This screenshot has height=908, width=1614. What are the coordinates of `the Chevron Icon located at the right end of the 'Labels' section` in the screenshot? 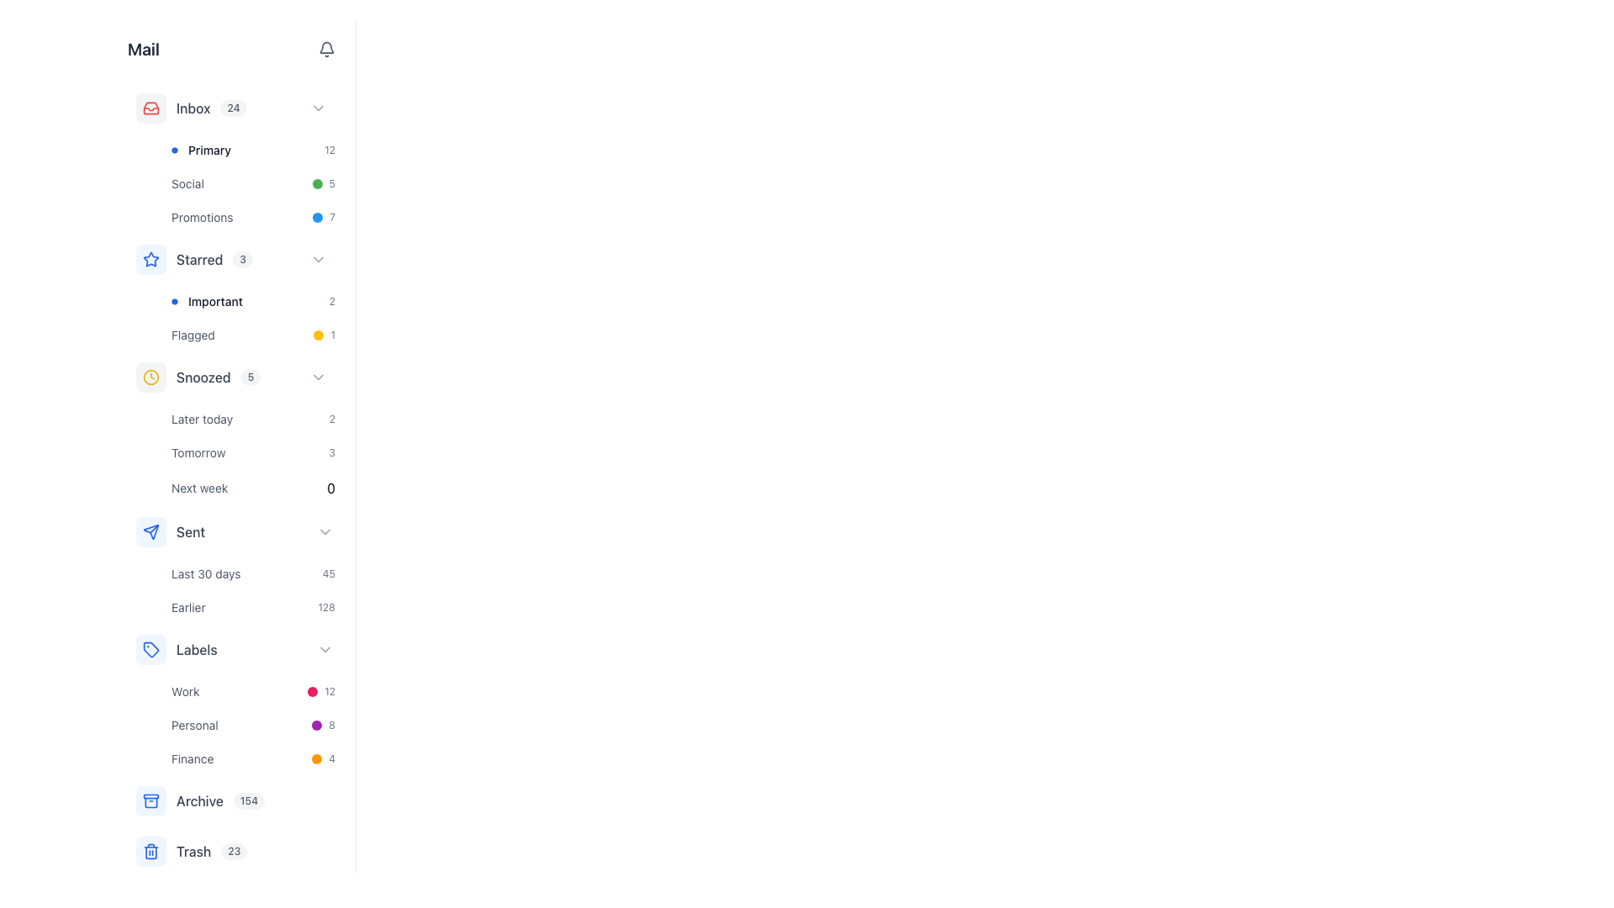 It's located at (325, 648).